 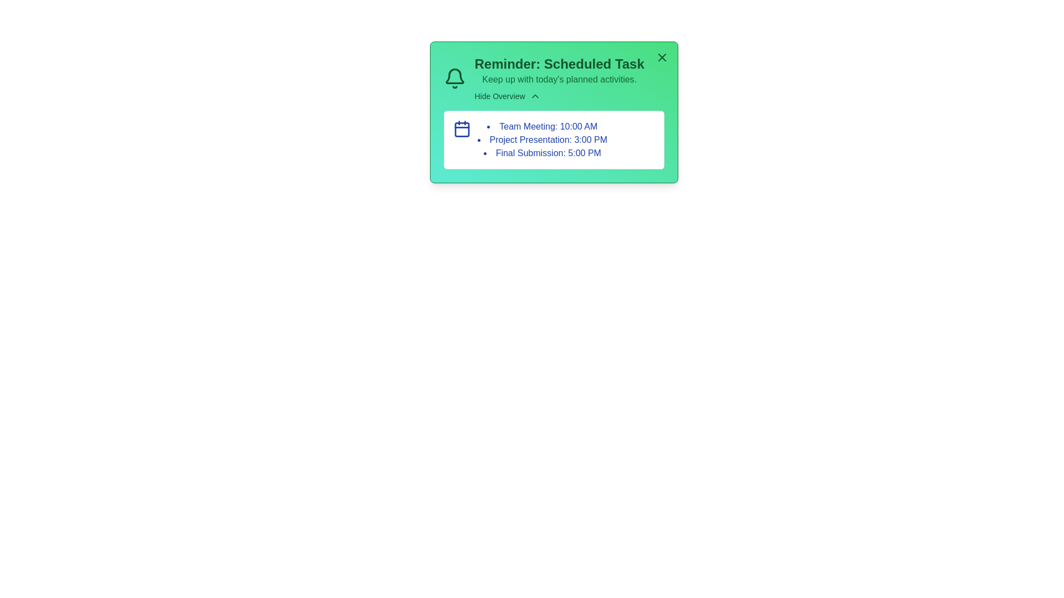 I want to click on the 'Hide Overview' button to toggle the visibility of the overview details, so click(x=507, y=95).